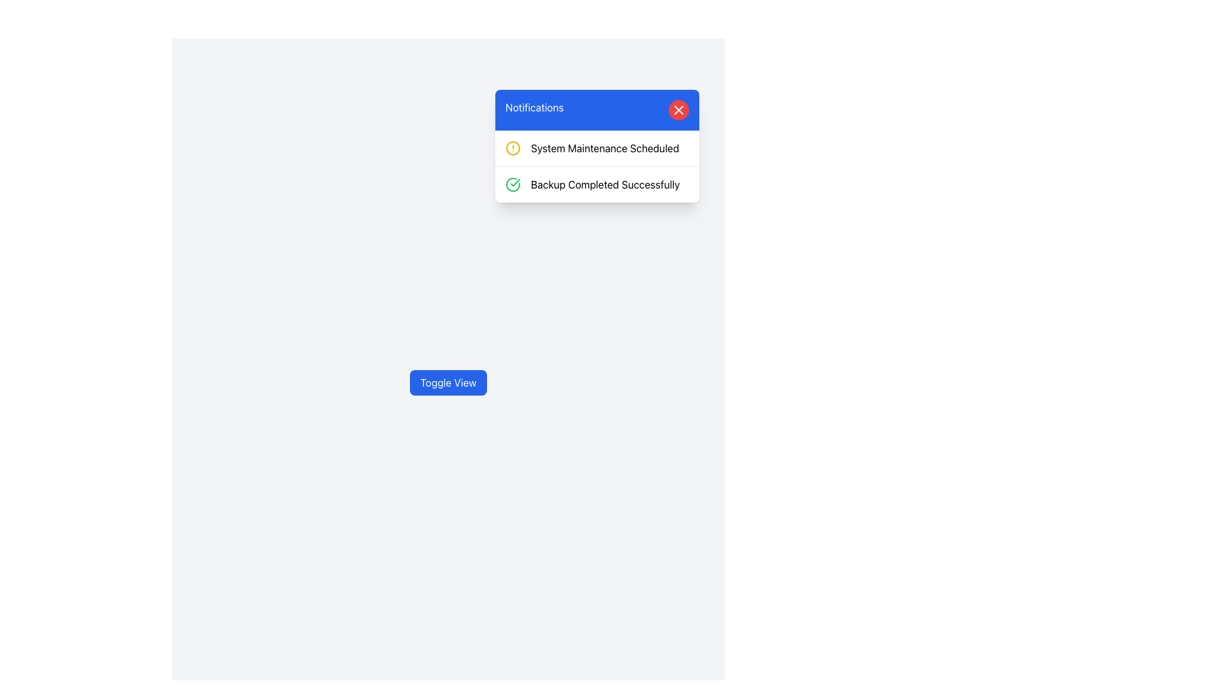  I want to click on the state of the warning icon located to the left of the 'System Maintenance Scheduled' text in the notification list panel, so click(513, 147).